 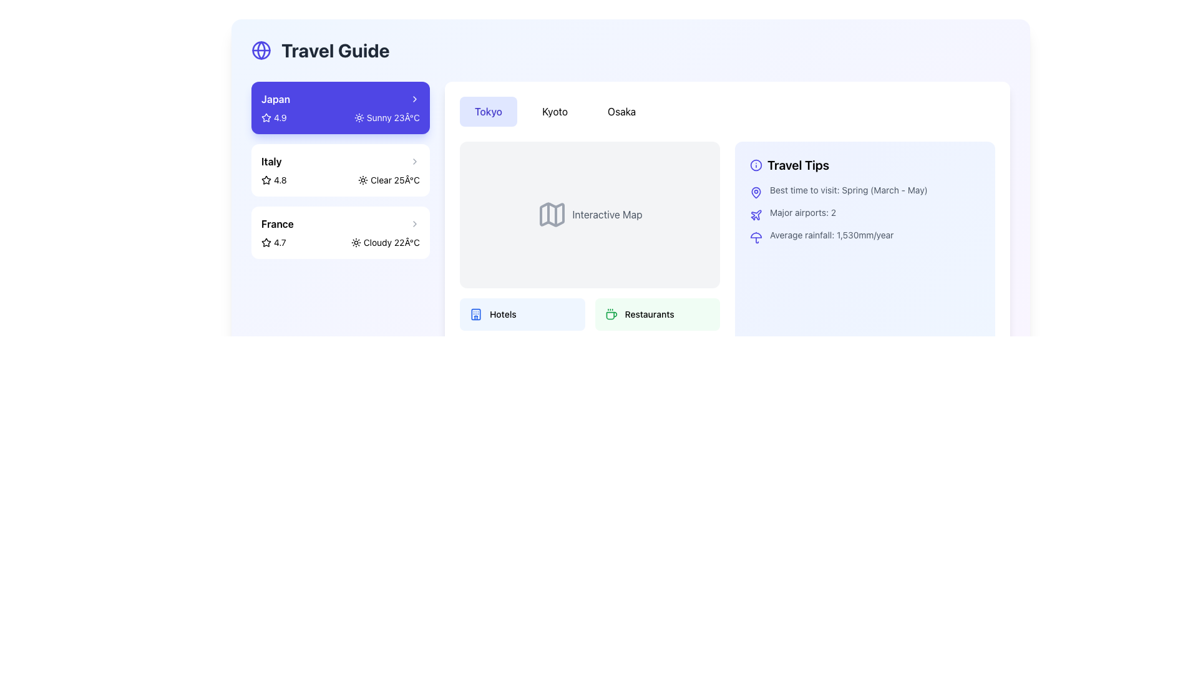 I want to click on the outlined star icon for rating, which is located next to the rating value '4.8' for Italy, so click(x=266, y=180).